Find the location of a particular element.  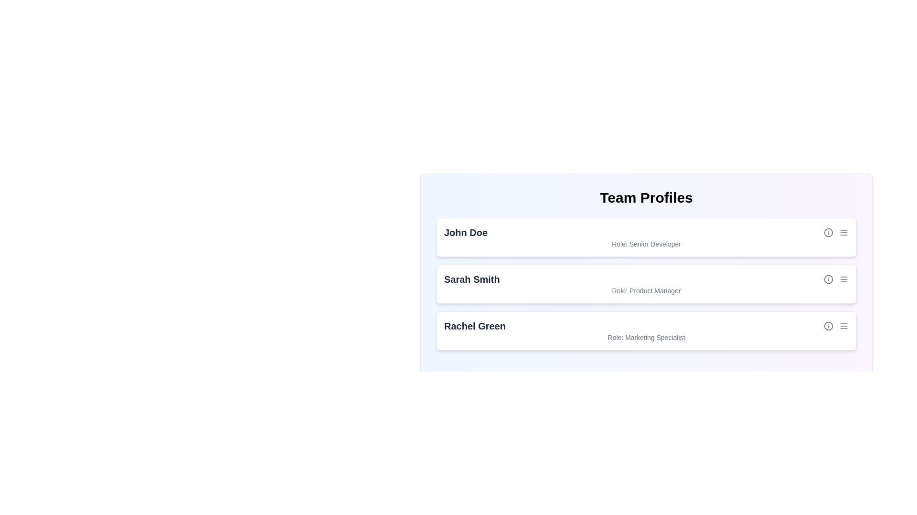

the second profile card in the team profiles list, which is positioned below 'John Doe' and above 'Rachel Green' is located at coordinates (646, 284).